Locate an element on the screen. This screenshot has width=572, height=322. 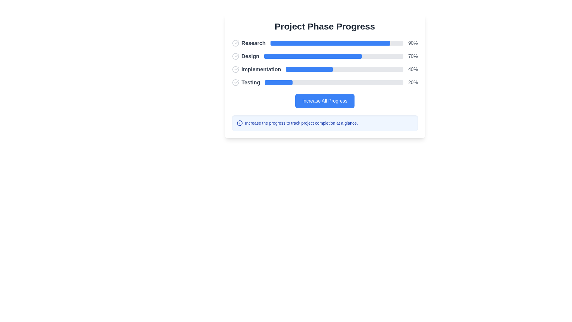
the outer circle of the circular checkmark icon in the 'Research' row of the 'Project Phase Progress' interface is located at coordinates (235, 43).